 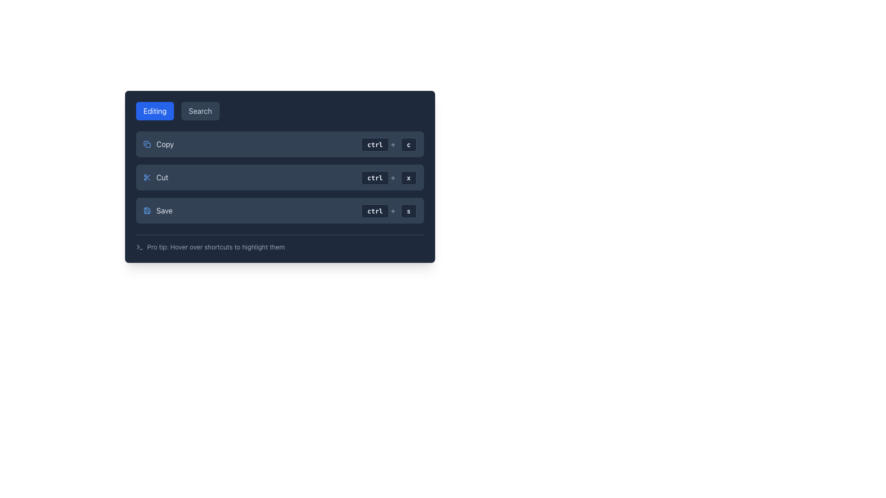 I want to click on the 'Cut' button, which is the second option in the list of operations, featuring a scissors icon and styled with blue and white text on a dark background, so click(x=156, y=178).